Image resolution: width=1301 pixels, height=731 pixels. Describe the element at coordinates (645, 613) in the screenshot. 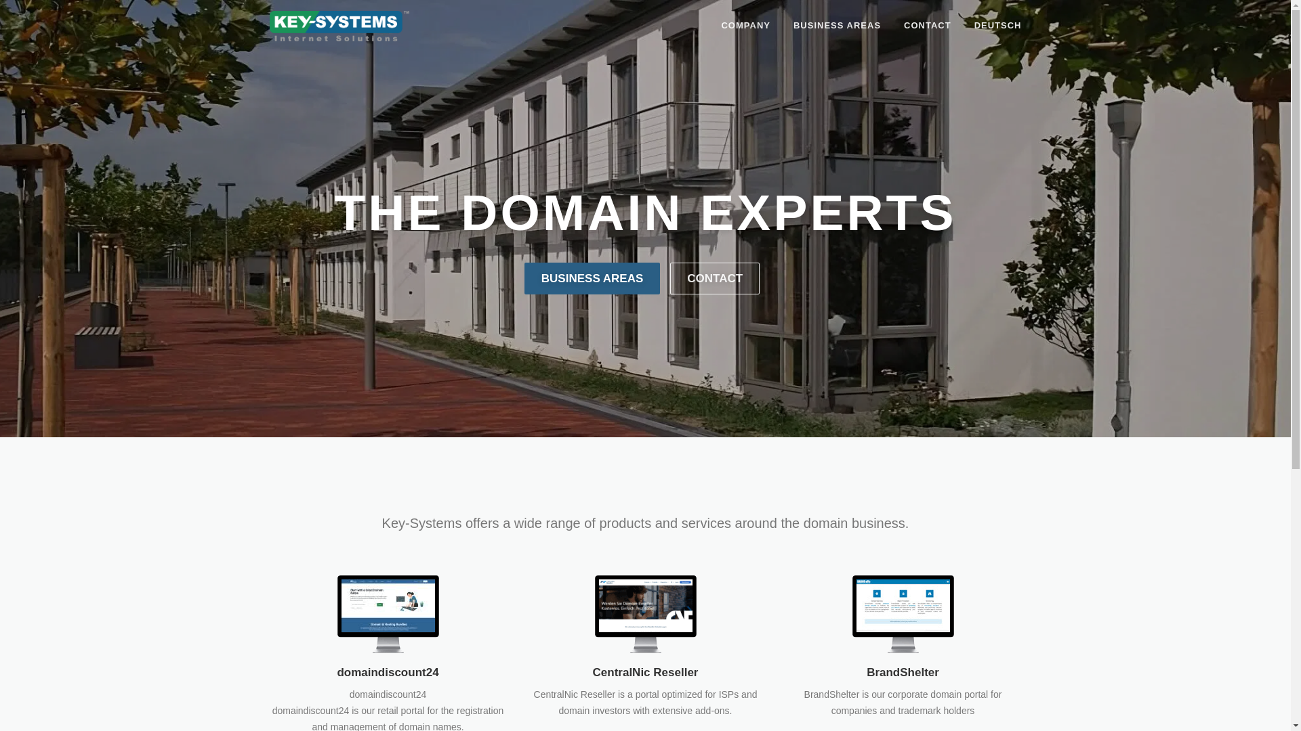

I see `'CentralNic Reseller'` at that location.